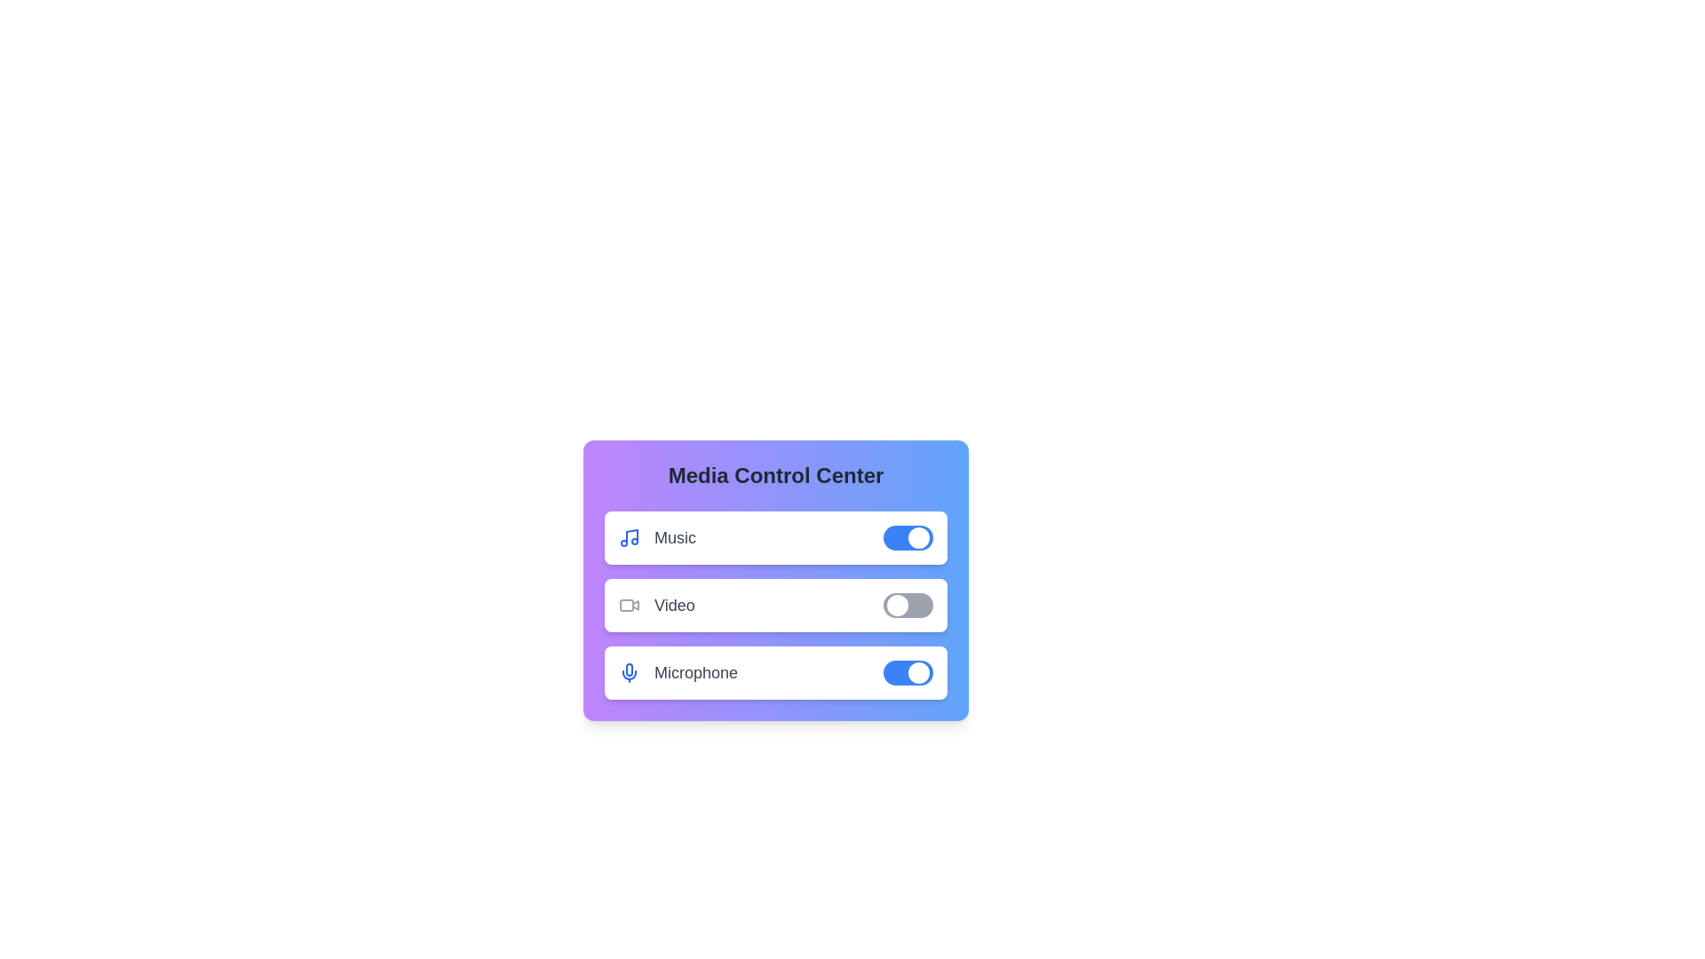 The image size is (1705, 959). I want to click on the icon representing the Video control, so click(630, 605).